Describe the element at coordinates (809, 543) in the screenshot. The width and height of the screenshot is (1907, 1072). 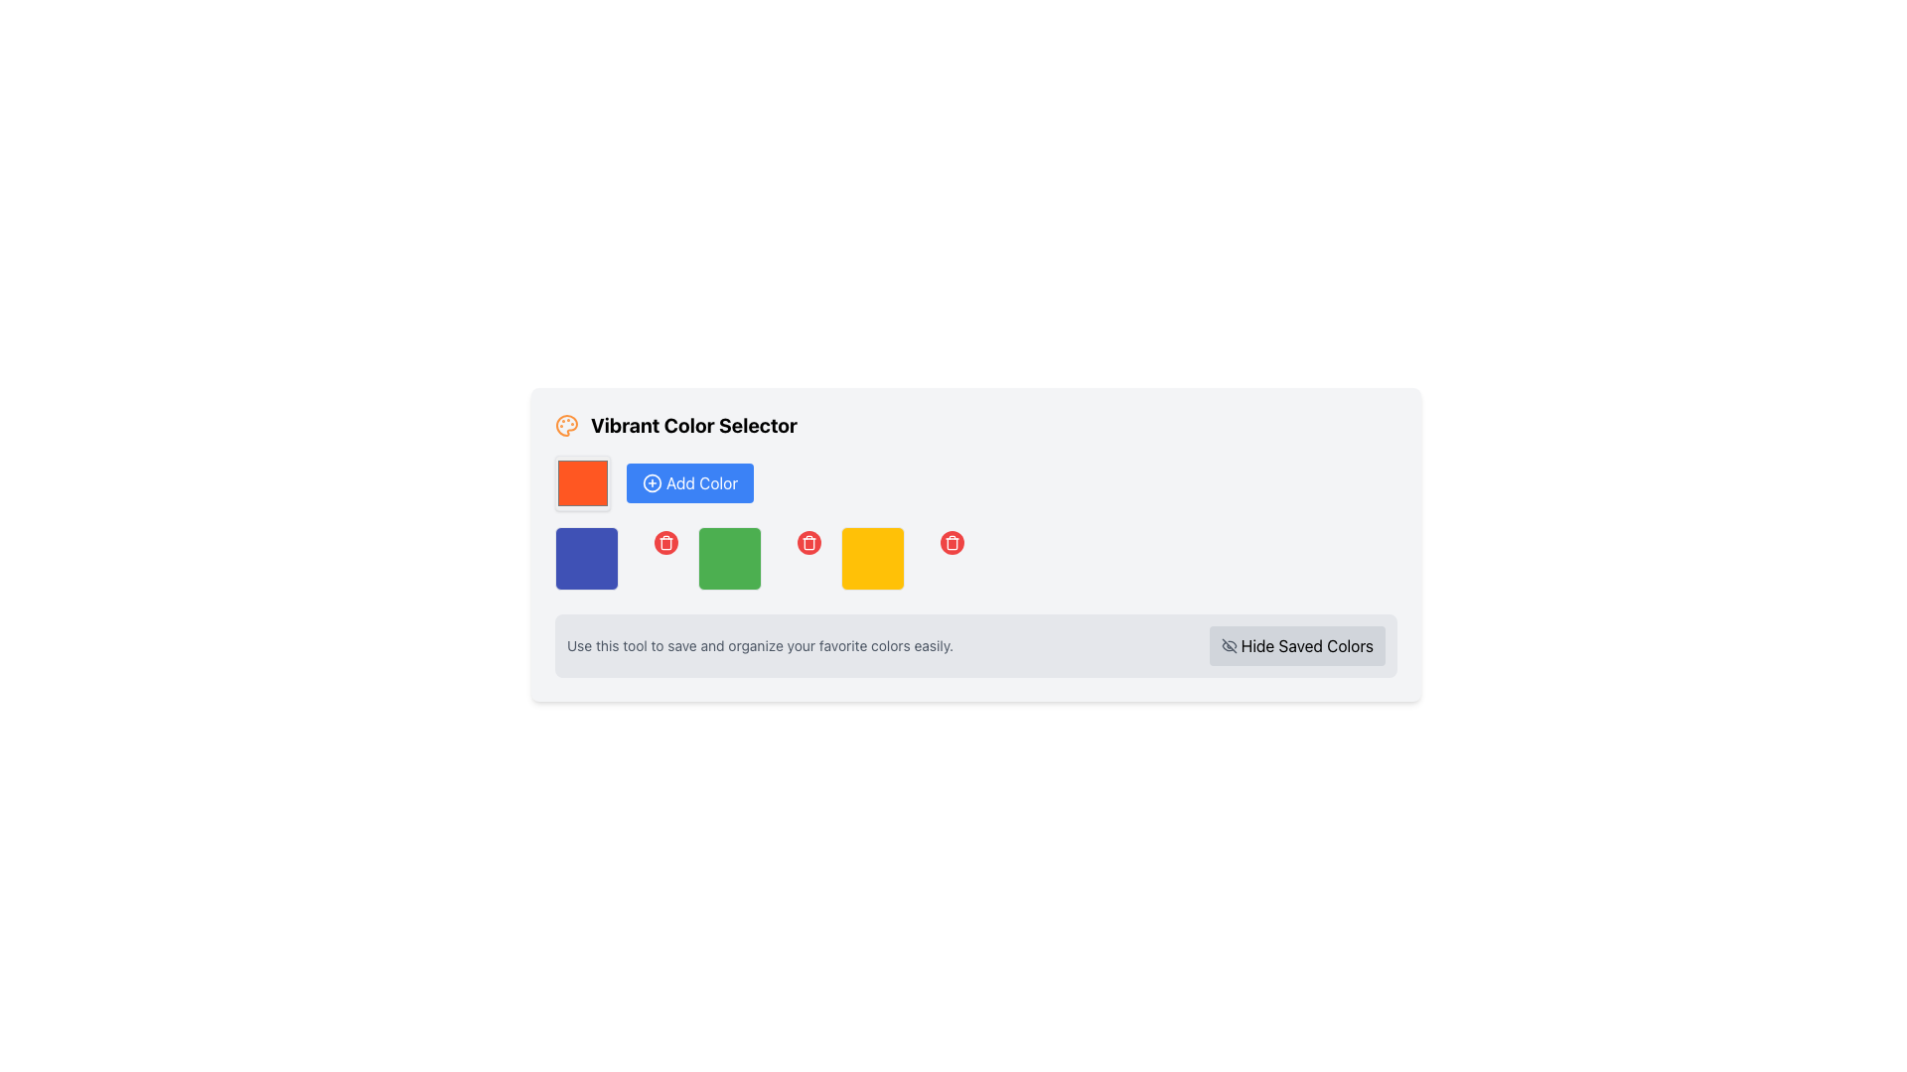
I see `the circular red button with a white trash can icon located at the top-right corner of the green color sample element in the grid layout` at that location.